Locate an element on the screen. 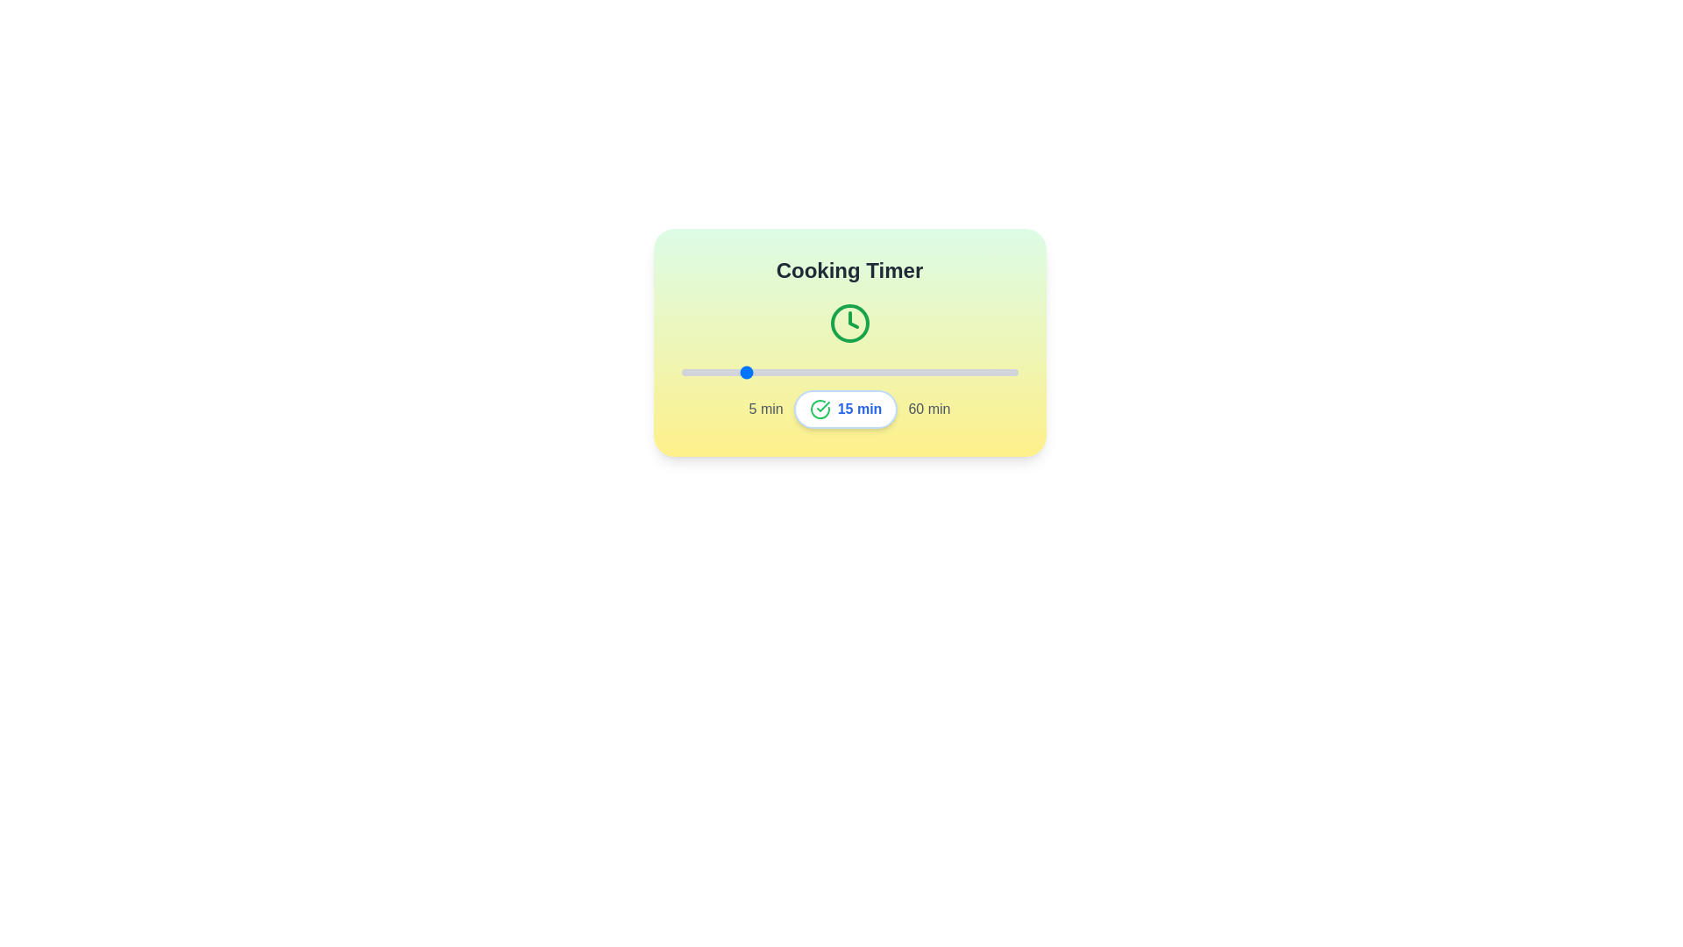 The width and height of the screenshot is (1683, 947). slider is located at coordinates (937, 371).